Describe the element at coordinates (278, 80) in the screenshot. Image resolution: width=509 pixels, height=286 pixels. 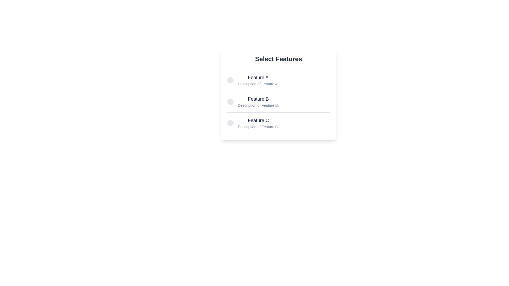
I see `the first selectable list item labeled 'Feature A'` at that location.